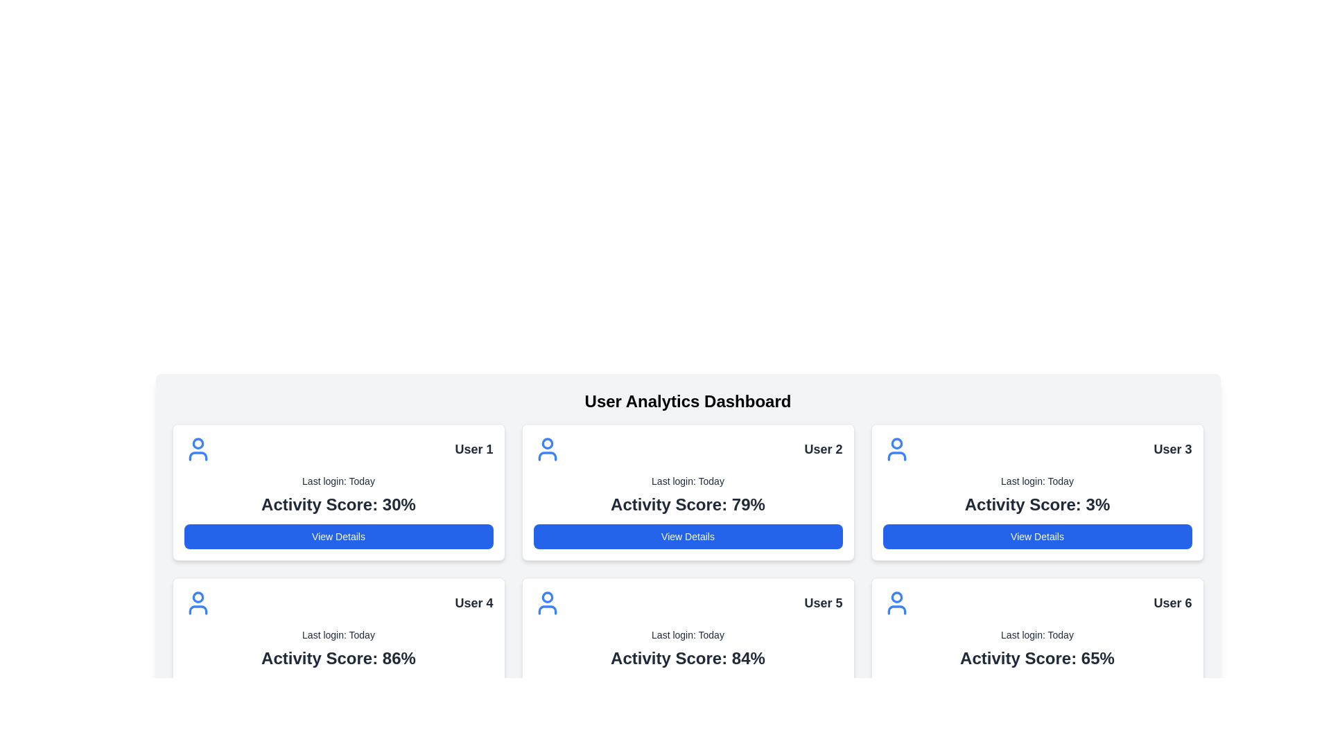 This screenshot has width=1331, height=748. What do you see at coordinates (688, 536) in the screenshot?
I see `the button located at the bottom of the 'User 2' card in the 'User Analytics Dashboard' to observe a style change` at bounding box center [688, 536].